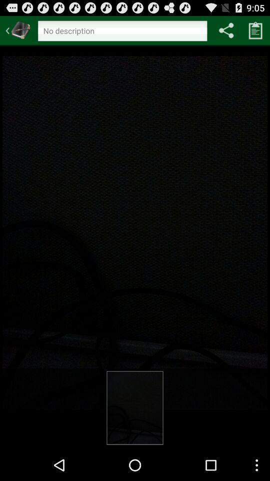  I want to click on text imput for search, so click(122, 32).